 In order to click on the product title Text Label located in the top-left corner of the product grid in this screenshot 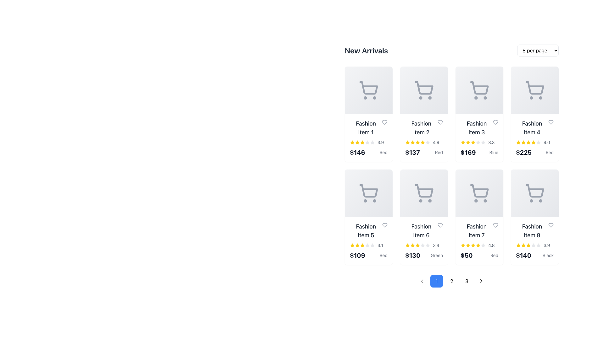, I will do `click(366, 128)`.